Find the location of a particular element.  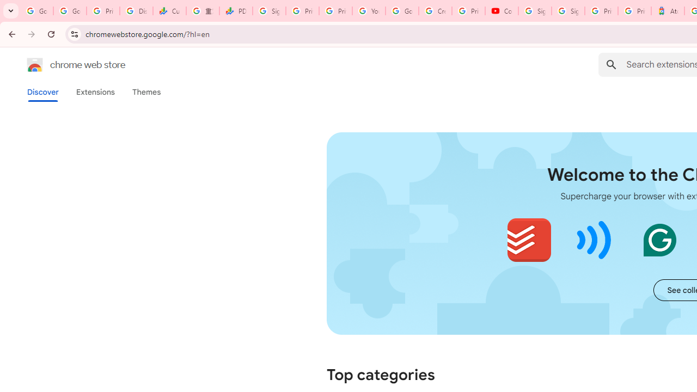

'YouTube' is located at coordinates (369, 11).